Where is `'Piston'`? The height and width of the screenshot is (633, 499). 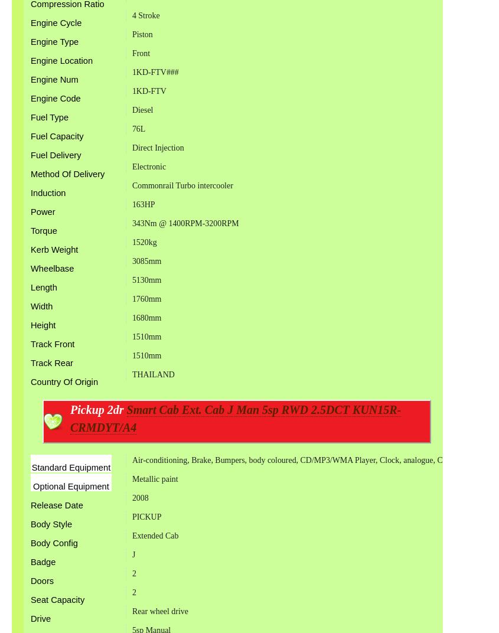
'Piston' is located at coordinates (141, 34).